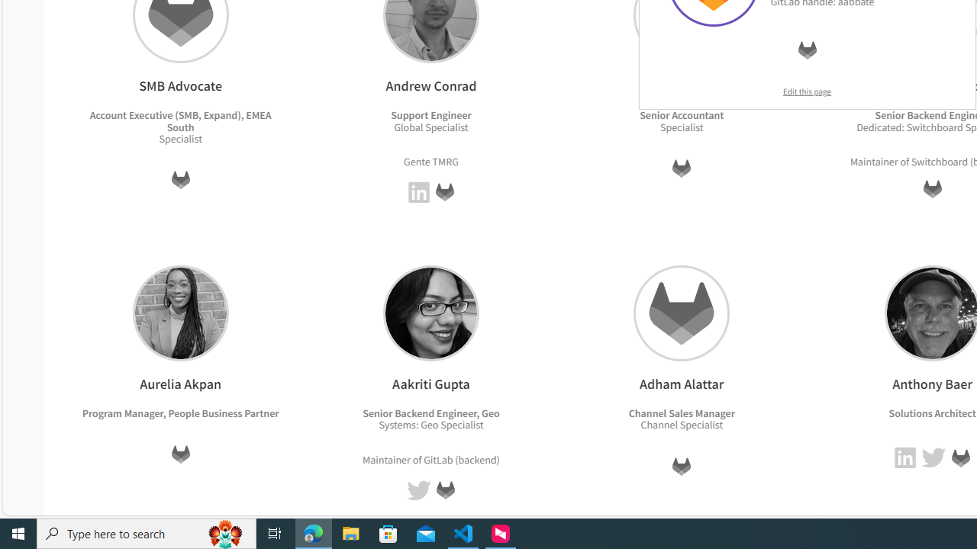 The image size is (977, 549). What do you see at coordinates (386, 458) in the screenshot?
I see `'Maintainer'` at bounding box center [386, 458].